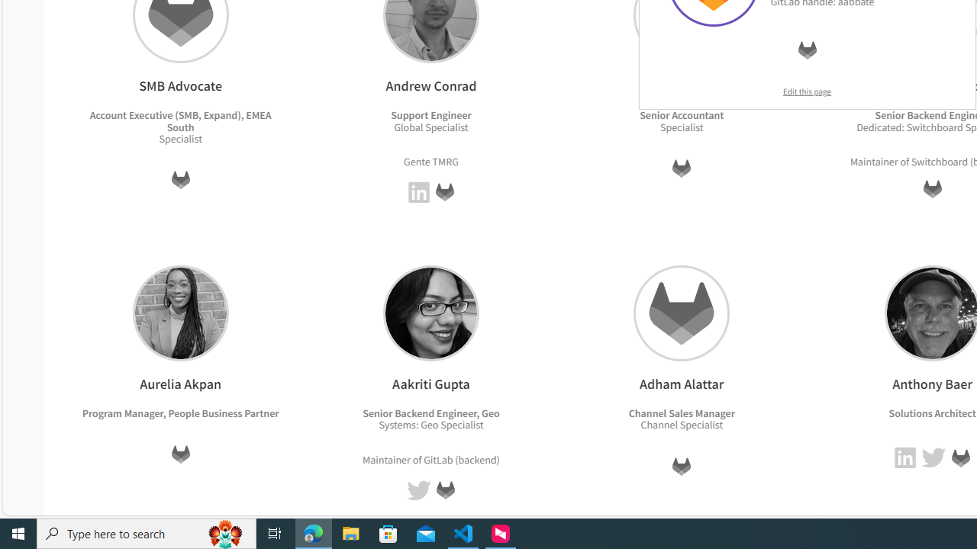 The image size is (977, 549). What do you see at coordinates (386, 458) in the screenshot?
I see `'Maintainer'` at bounding box center [386, 458].